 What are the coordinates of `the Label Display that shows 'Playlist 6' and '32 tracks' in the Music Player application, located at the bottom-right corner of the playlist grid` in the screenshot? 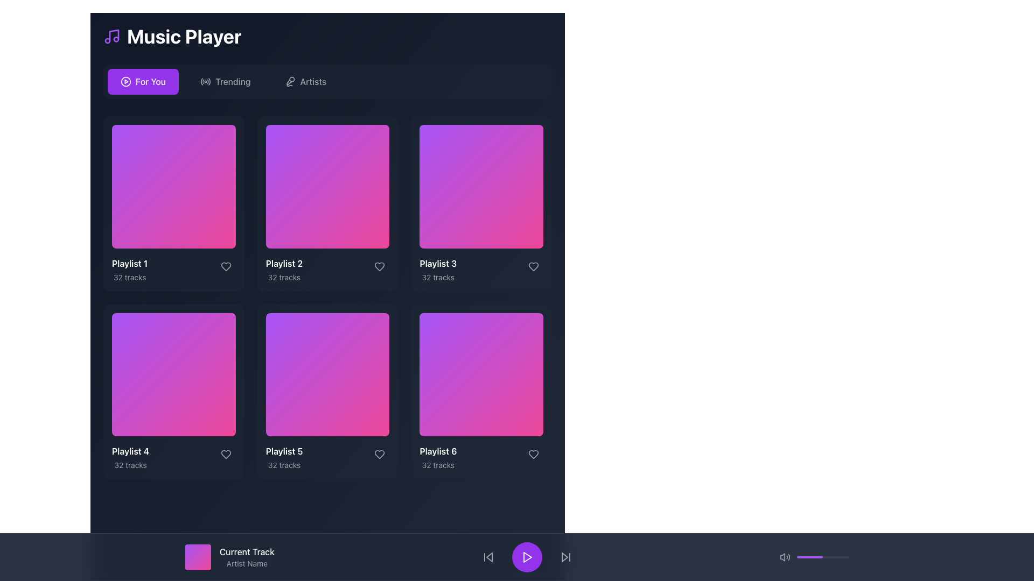 It's located at (438, 458).